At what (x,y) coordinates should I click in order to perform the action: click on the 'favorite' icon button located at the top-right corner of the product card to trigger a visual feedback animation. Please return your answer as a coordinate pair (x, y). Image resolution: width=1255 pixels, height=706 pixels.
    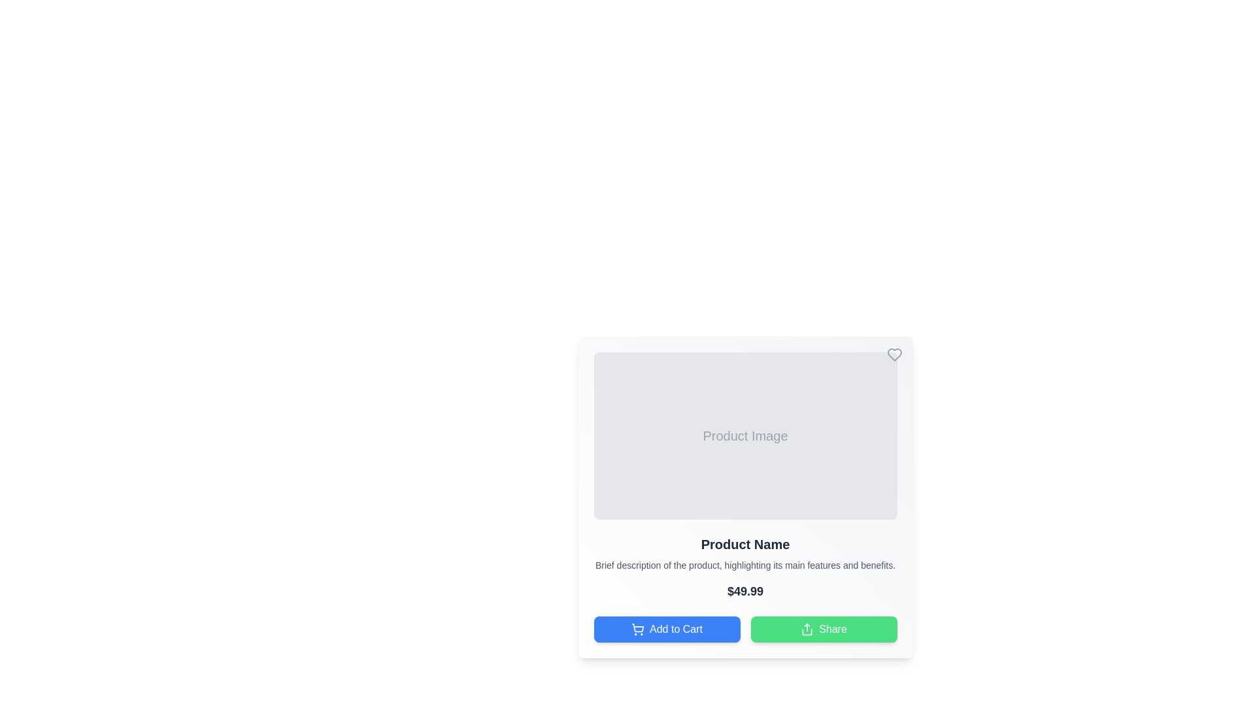
    Looking at the image, I should click on (894, 355).